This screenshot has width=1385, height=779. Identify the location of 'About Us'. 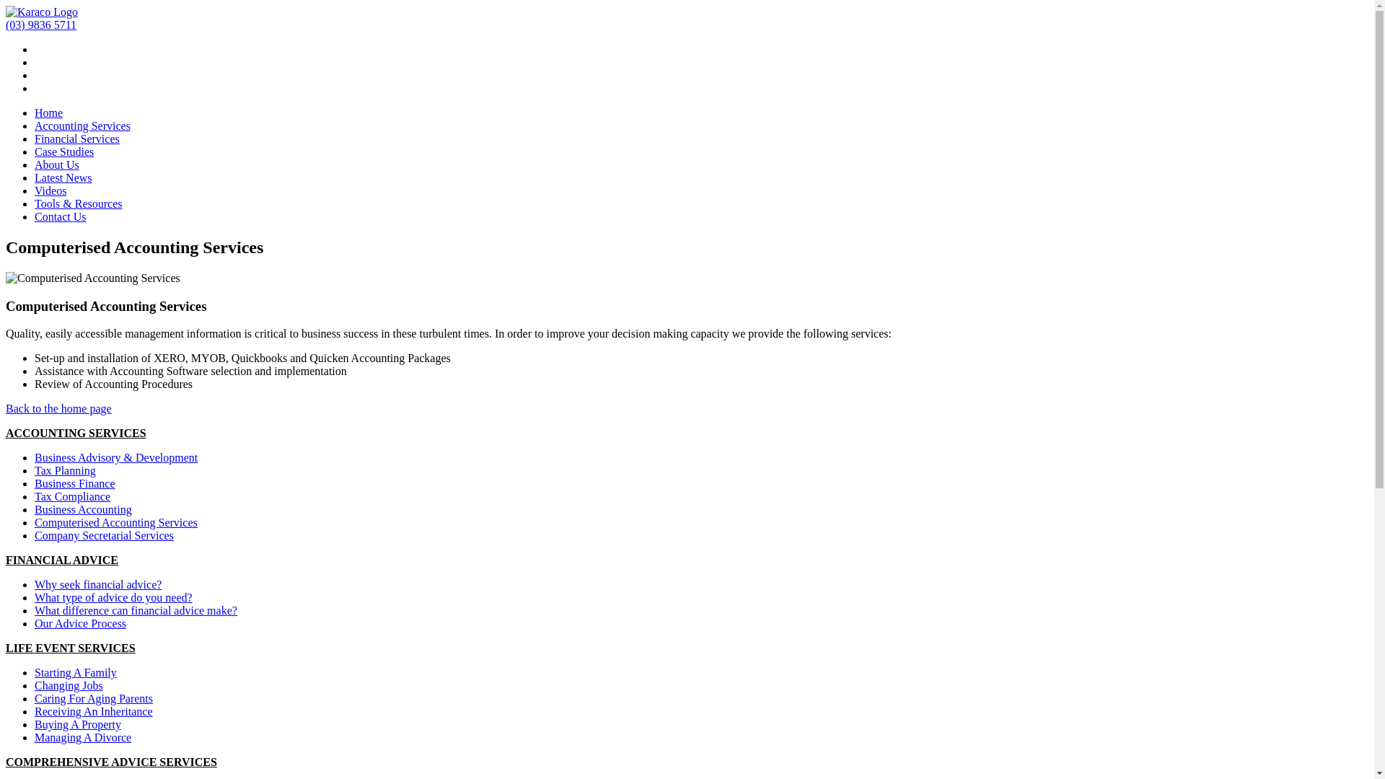
(35, 164).